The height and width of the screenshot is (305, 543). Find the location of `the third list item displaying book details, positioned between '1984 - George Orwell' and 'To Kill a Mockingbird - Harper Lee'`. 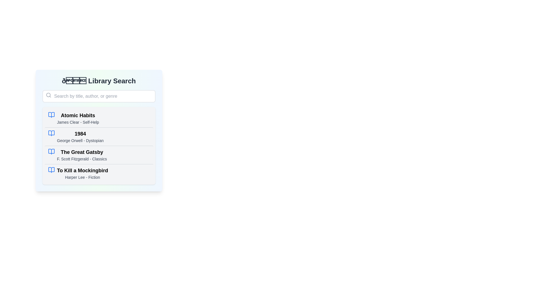

the third list item displaying book details, positioned between '1984 - George Orwell' and 'To Kill a Mockingbird - Harper Lee' is located at coordinates (81, 155).